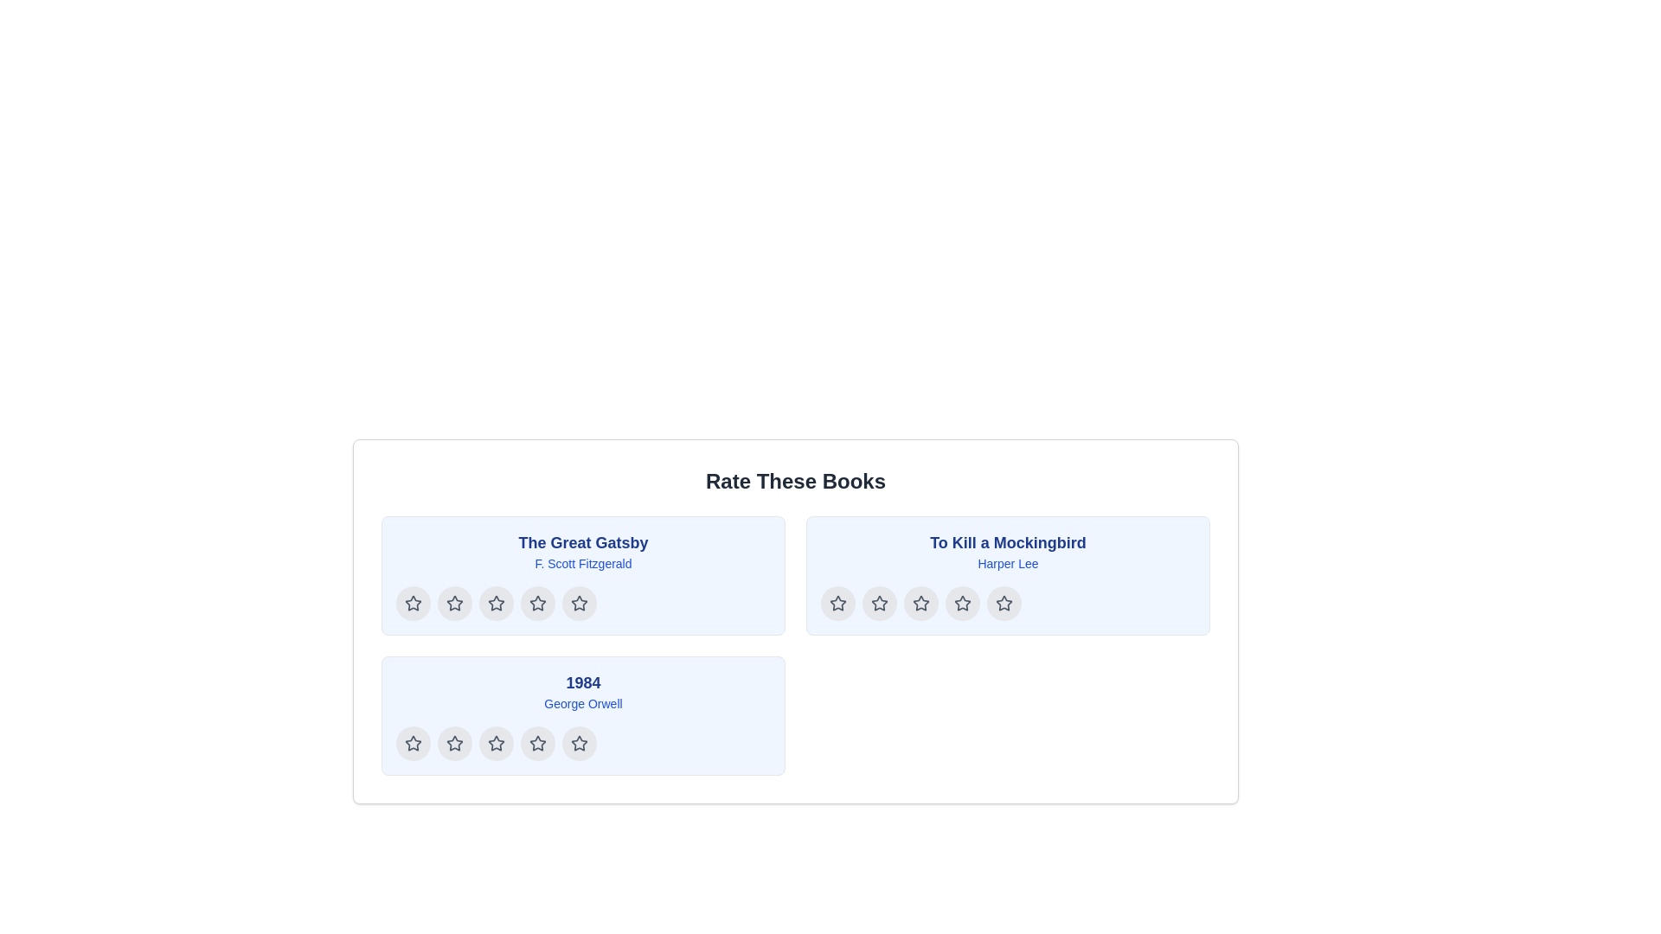  What do you see at coordinates (1004, 603) in the screenshot?
I see `the circular button with a grey background and a star icon, located in the third set of buttons under 'To Kill a Mockingbird'` at bounding box center [1004, 603].